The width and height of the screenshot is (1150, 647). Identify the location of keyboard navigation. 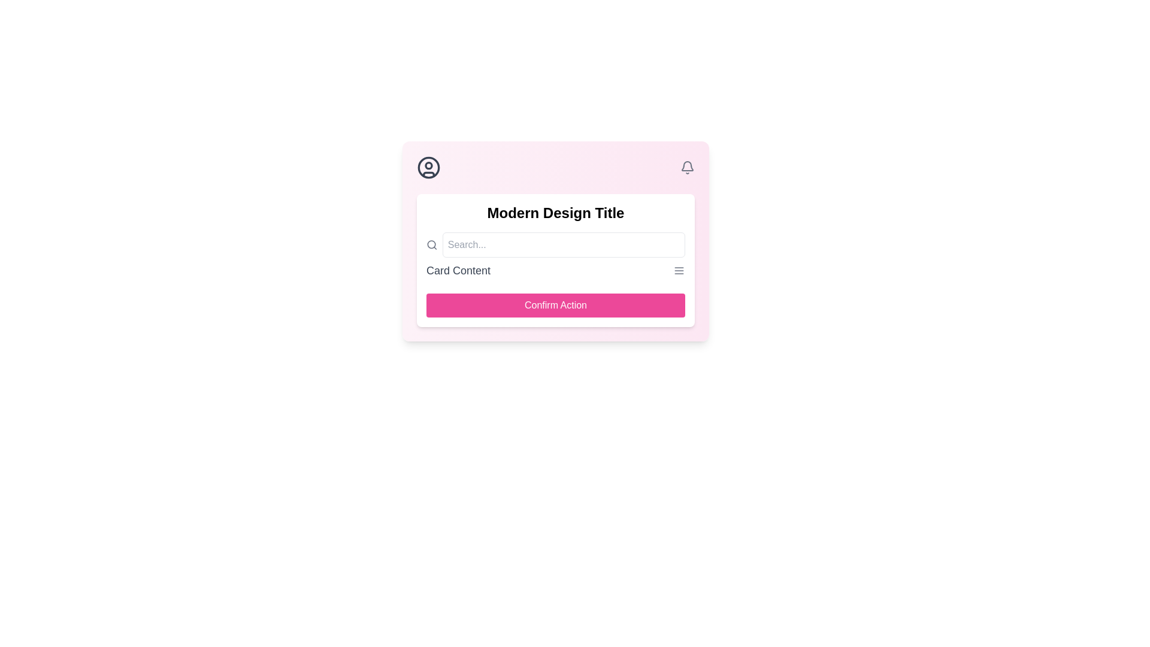
(555, 304).